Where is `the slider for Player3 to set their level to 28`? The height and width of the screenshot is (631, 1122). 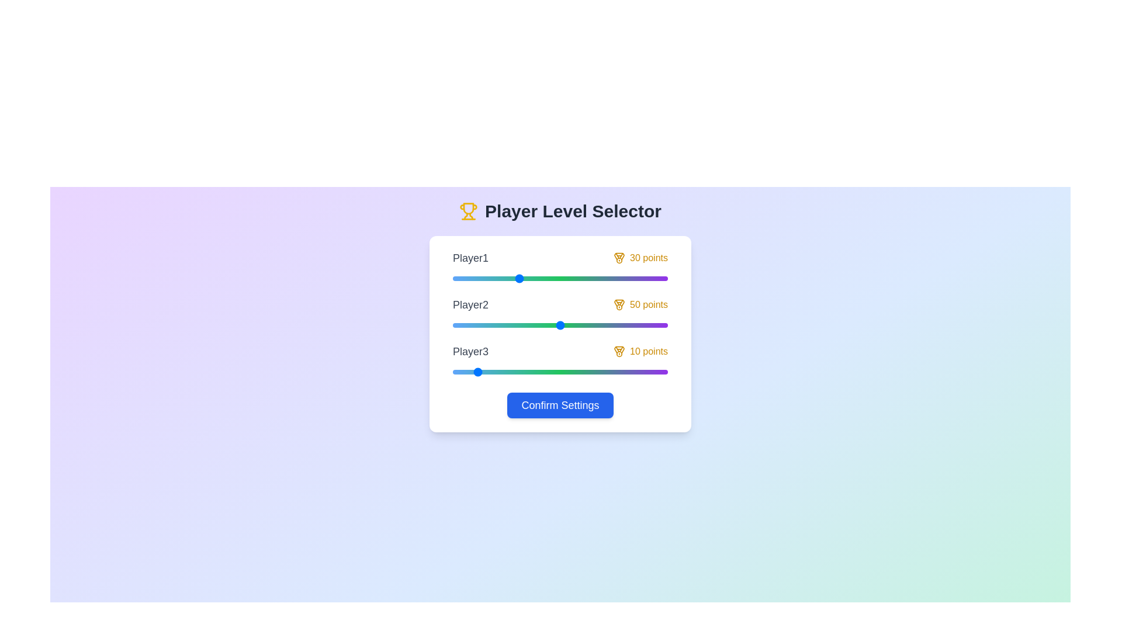 the slider for Player3 to set their level to 28 is located at coordinates (513, 372).